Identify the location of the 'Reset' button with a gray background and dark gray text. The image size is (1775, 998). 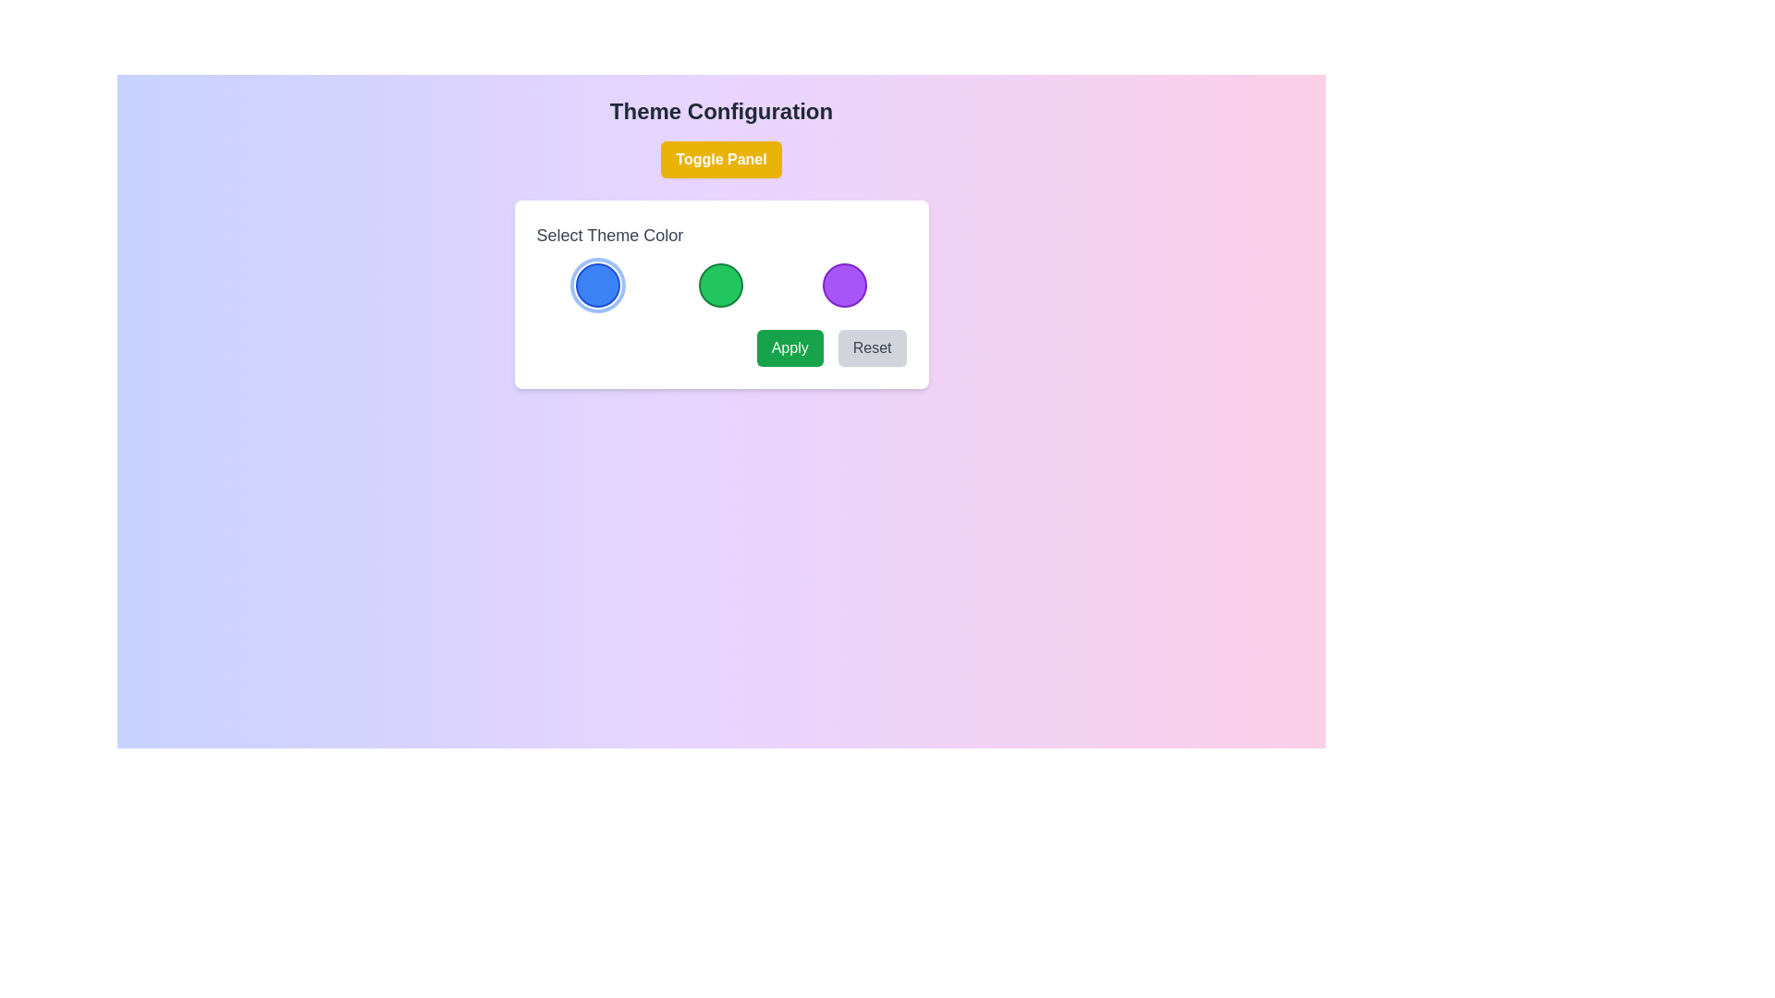
(871, 348).